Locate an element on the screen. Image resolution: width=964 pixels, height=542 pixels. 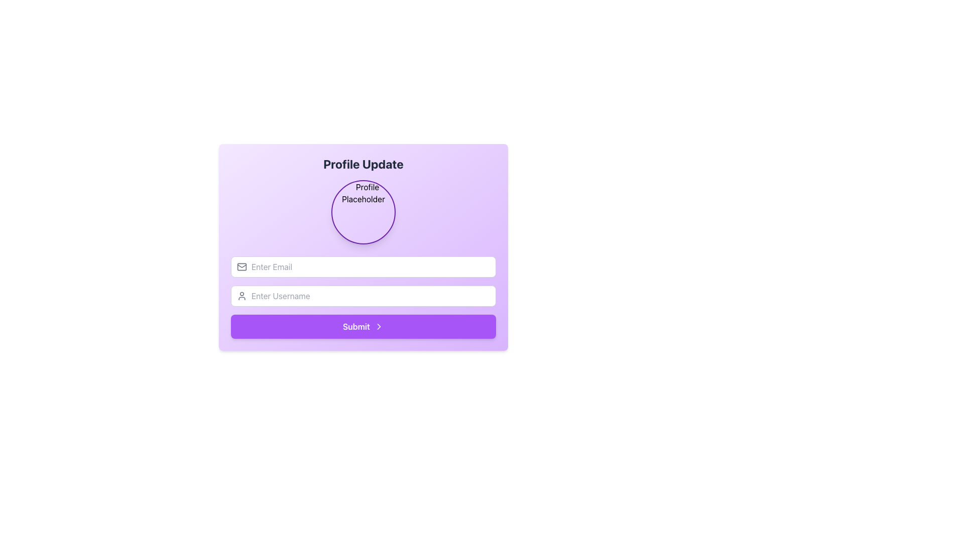
the submit button located at the bottom of the form to initiate the form submission process is located at coordinates (363, 327).